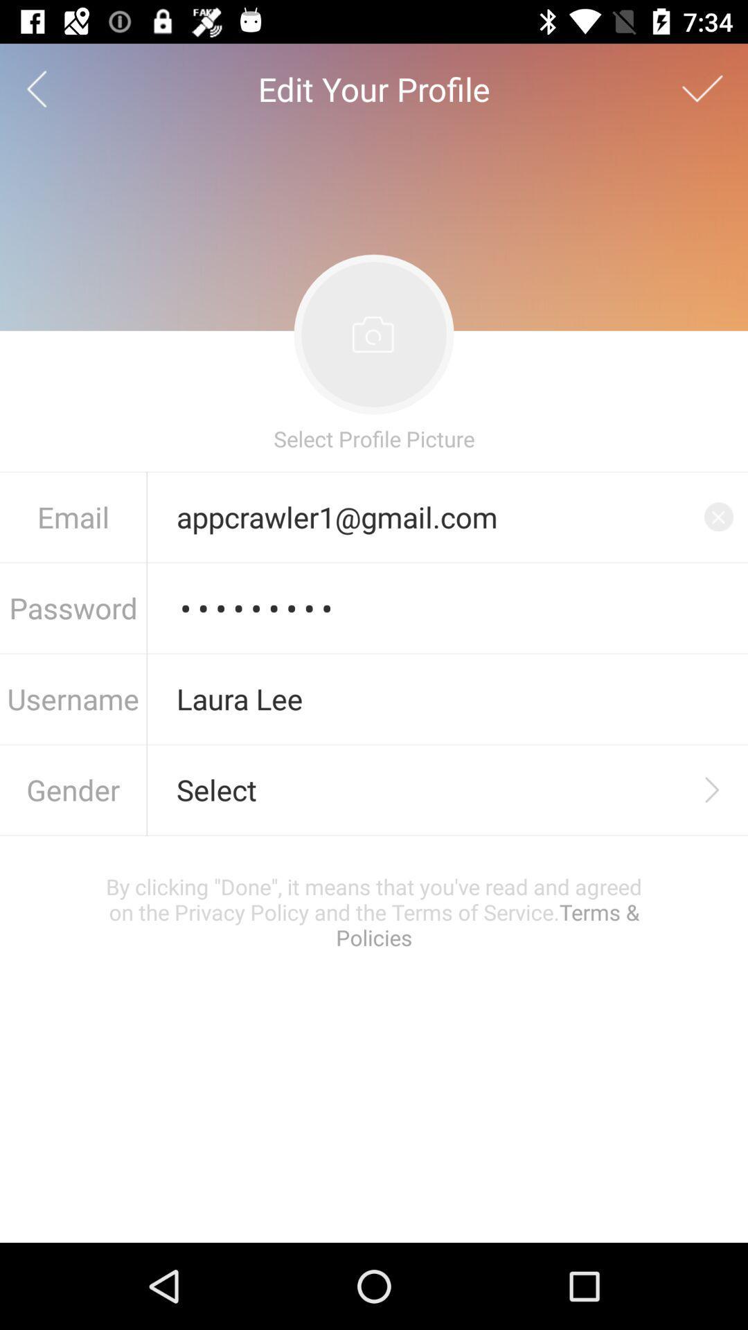 This screenshot has width=748, height=1330. I want to click on the image above  select profile picture, so click(374, 335).